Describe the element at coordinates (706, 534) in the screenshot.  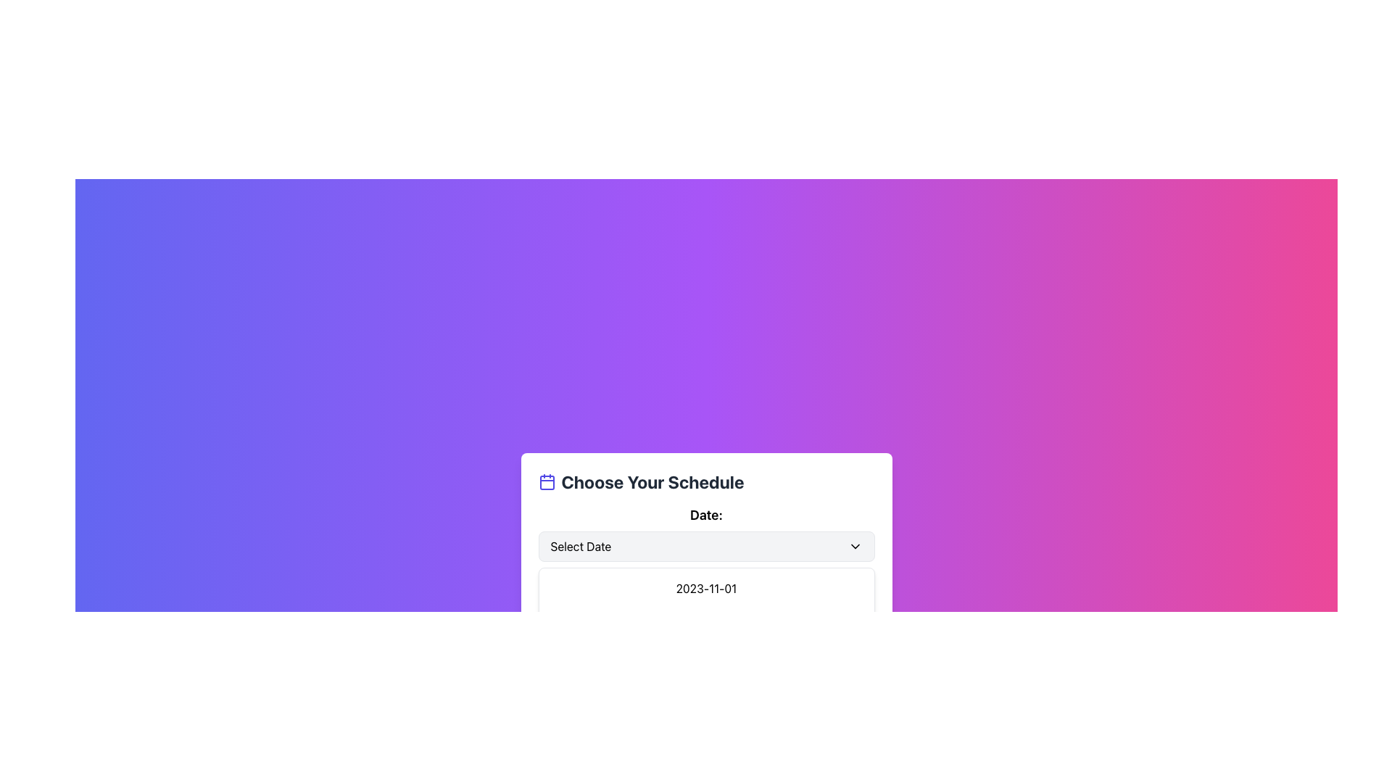
I see `a date from the dropdown menu located within the 'Choose Your Schedule' card, positioned centrally beneath the header text and before the 'Time:' dropdown` at that location.